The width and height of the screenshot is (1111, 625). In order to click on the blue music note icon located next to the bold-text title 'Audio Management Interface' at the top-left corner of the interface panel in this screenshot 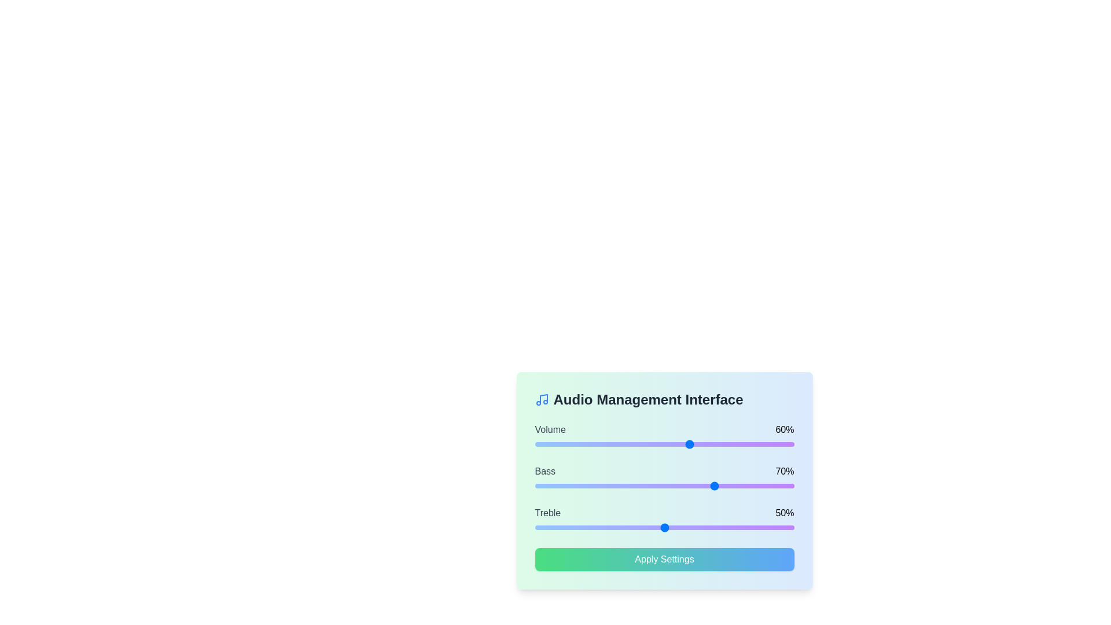, I will do `click(541, 399)`.